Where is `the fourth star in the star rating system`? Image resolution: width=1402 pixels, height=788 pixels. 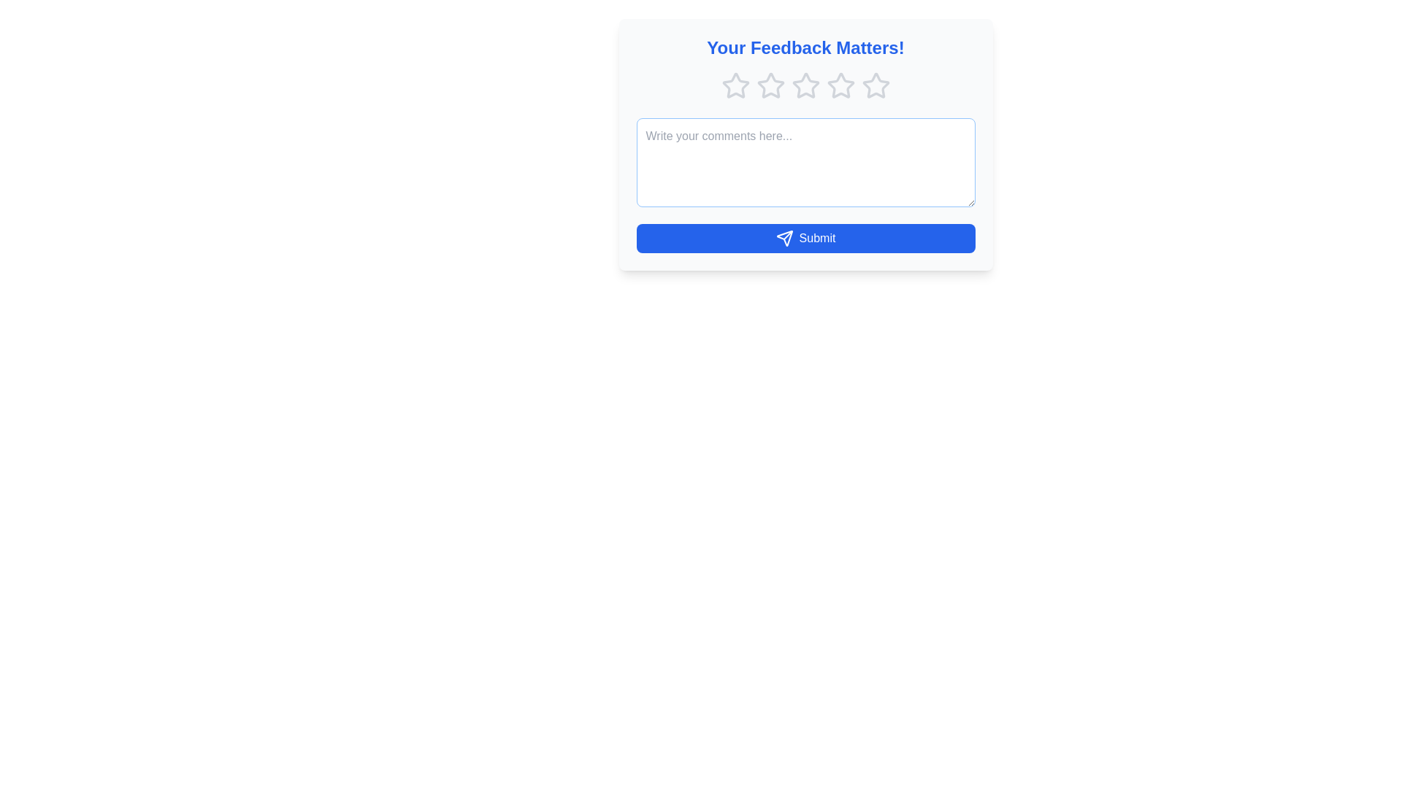 the fourth star in the star rating system is located at coordinates (840, 85).